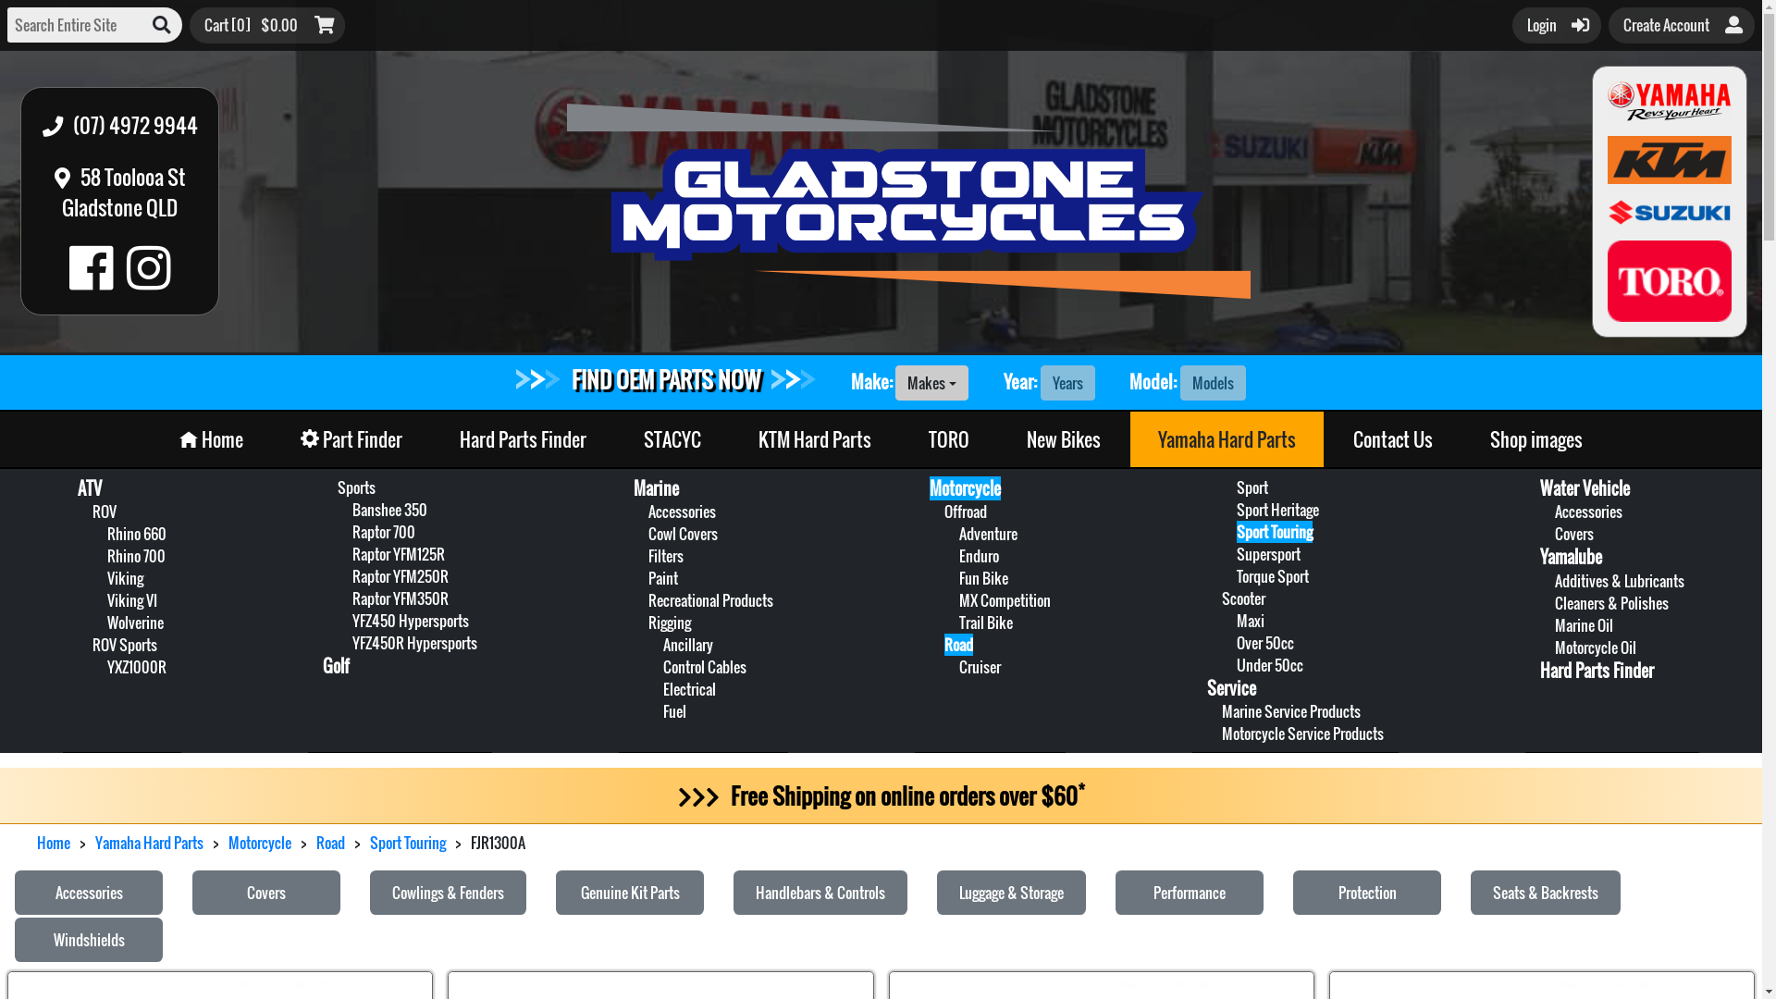 The width and height of the screenshot is (1776, 999). What do you see at coordinates (104, 511) in the screenshot?
I see `'ROV'` at bounding box center [104, 511].